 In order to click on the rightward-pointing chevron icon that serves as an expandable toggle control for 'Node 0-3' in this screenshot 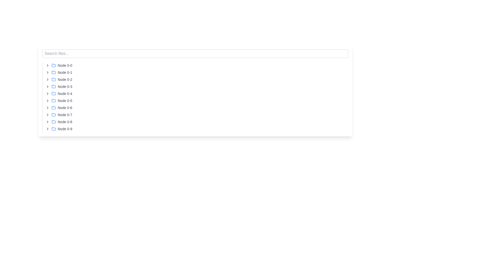, I will do `click(47, 86)`.